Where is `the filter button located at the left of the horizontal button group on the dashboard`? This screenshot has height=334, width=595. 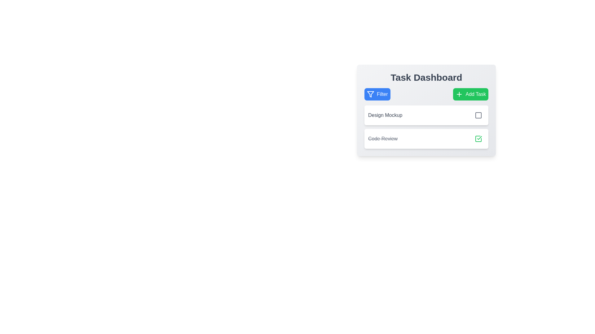 the filter button located at the left of the horizontal button group on the dashboard is located at coordinates (377, 94).